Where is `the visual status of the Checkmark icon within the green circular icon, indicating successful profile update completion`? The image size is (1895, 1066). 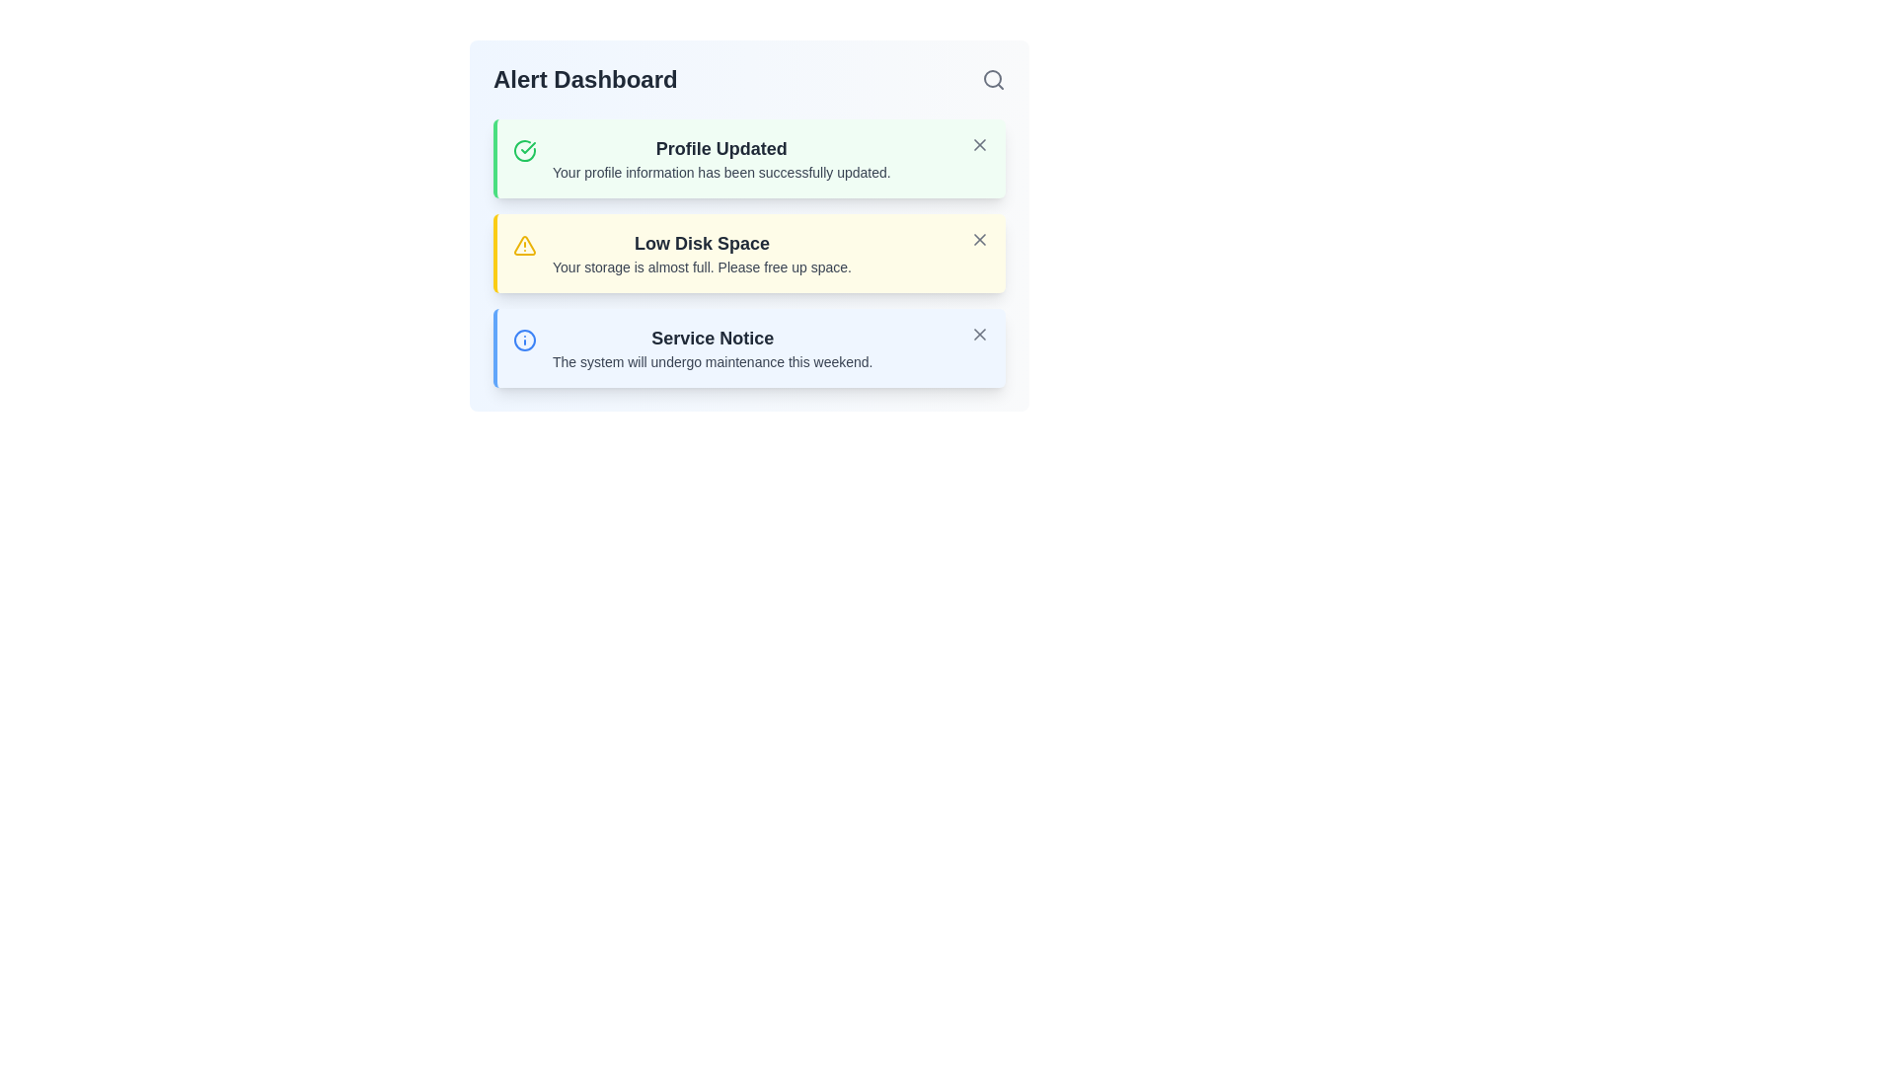 the visual status of the Checkmark icon within the green circular icon, indicating successful profile update completion is located at coordinates (528, 147).